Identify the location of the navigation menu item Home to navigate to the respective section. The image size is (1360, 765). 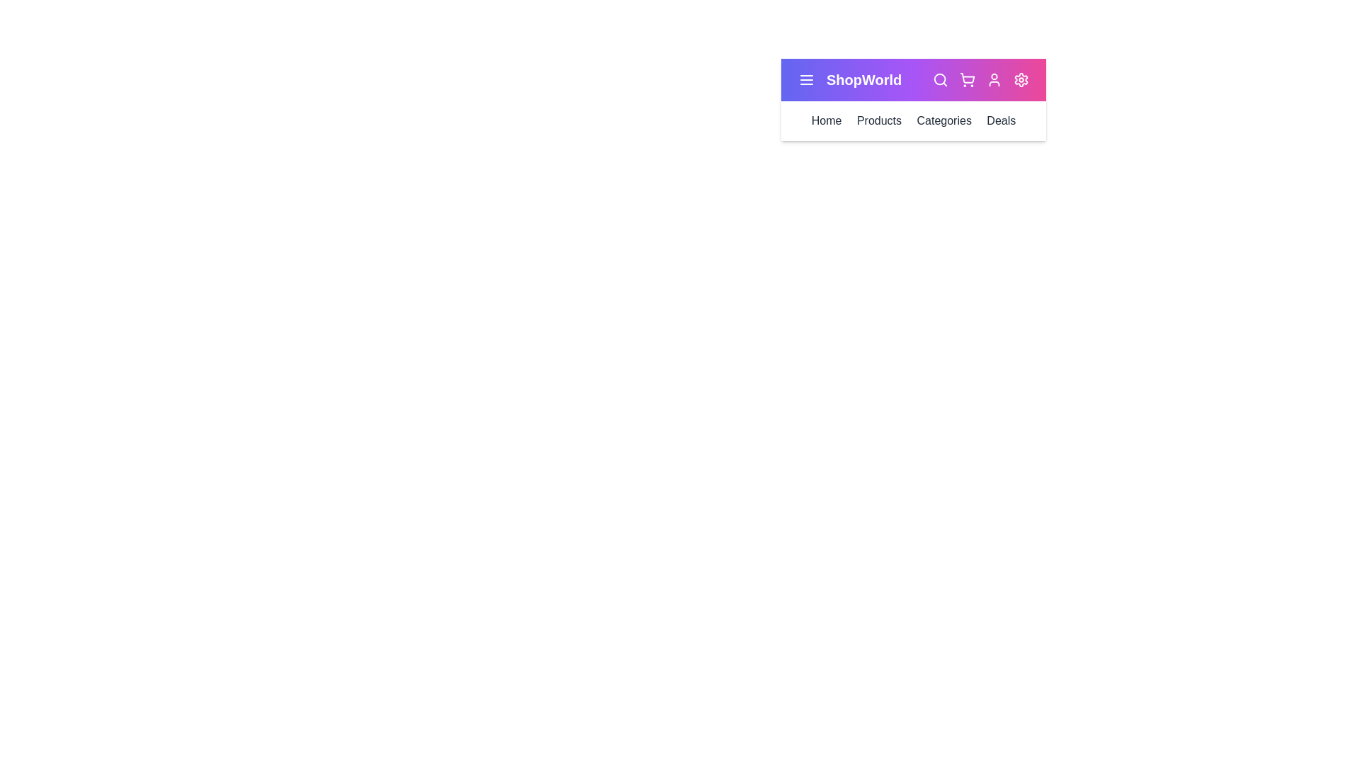
(827, 120).